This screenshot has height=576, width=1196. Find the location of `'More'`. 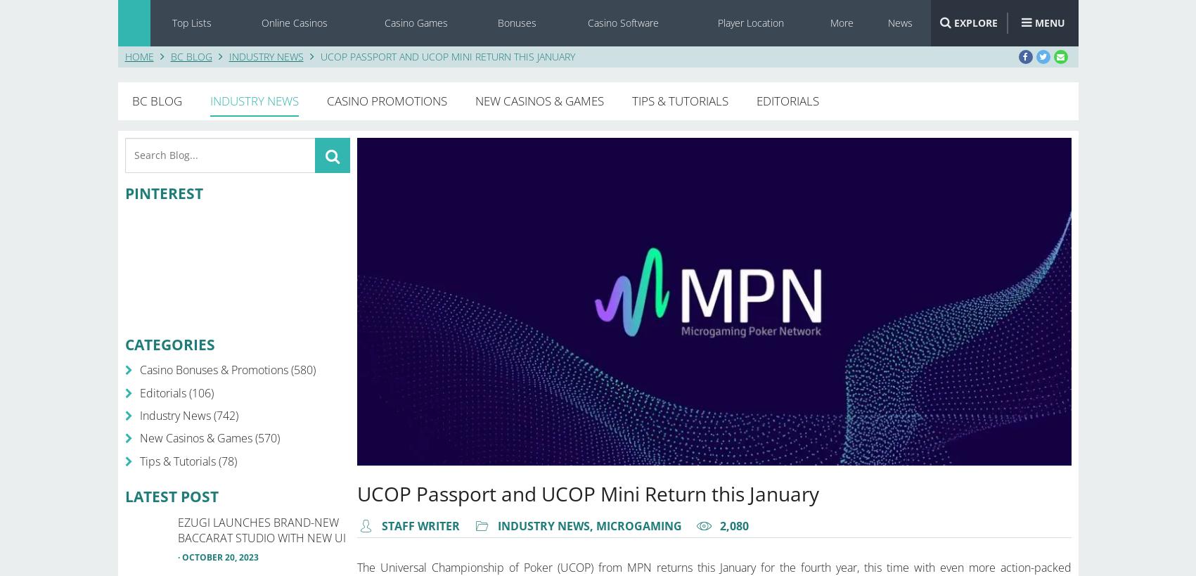

'More' is located at coordinates (841, 21).